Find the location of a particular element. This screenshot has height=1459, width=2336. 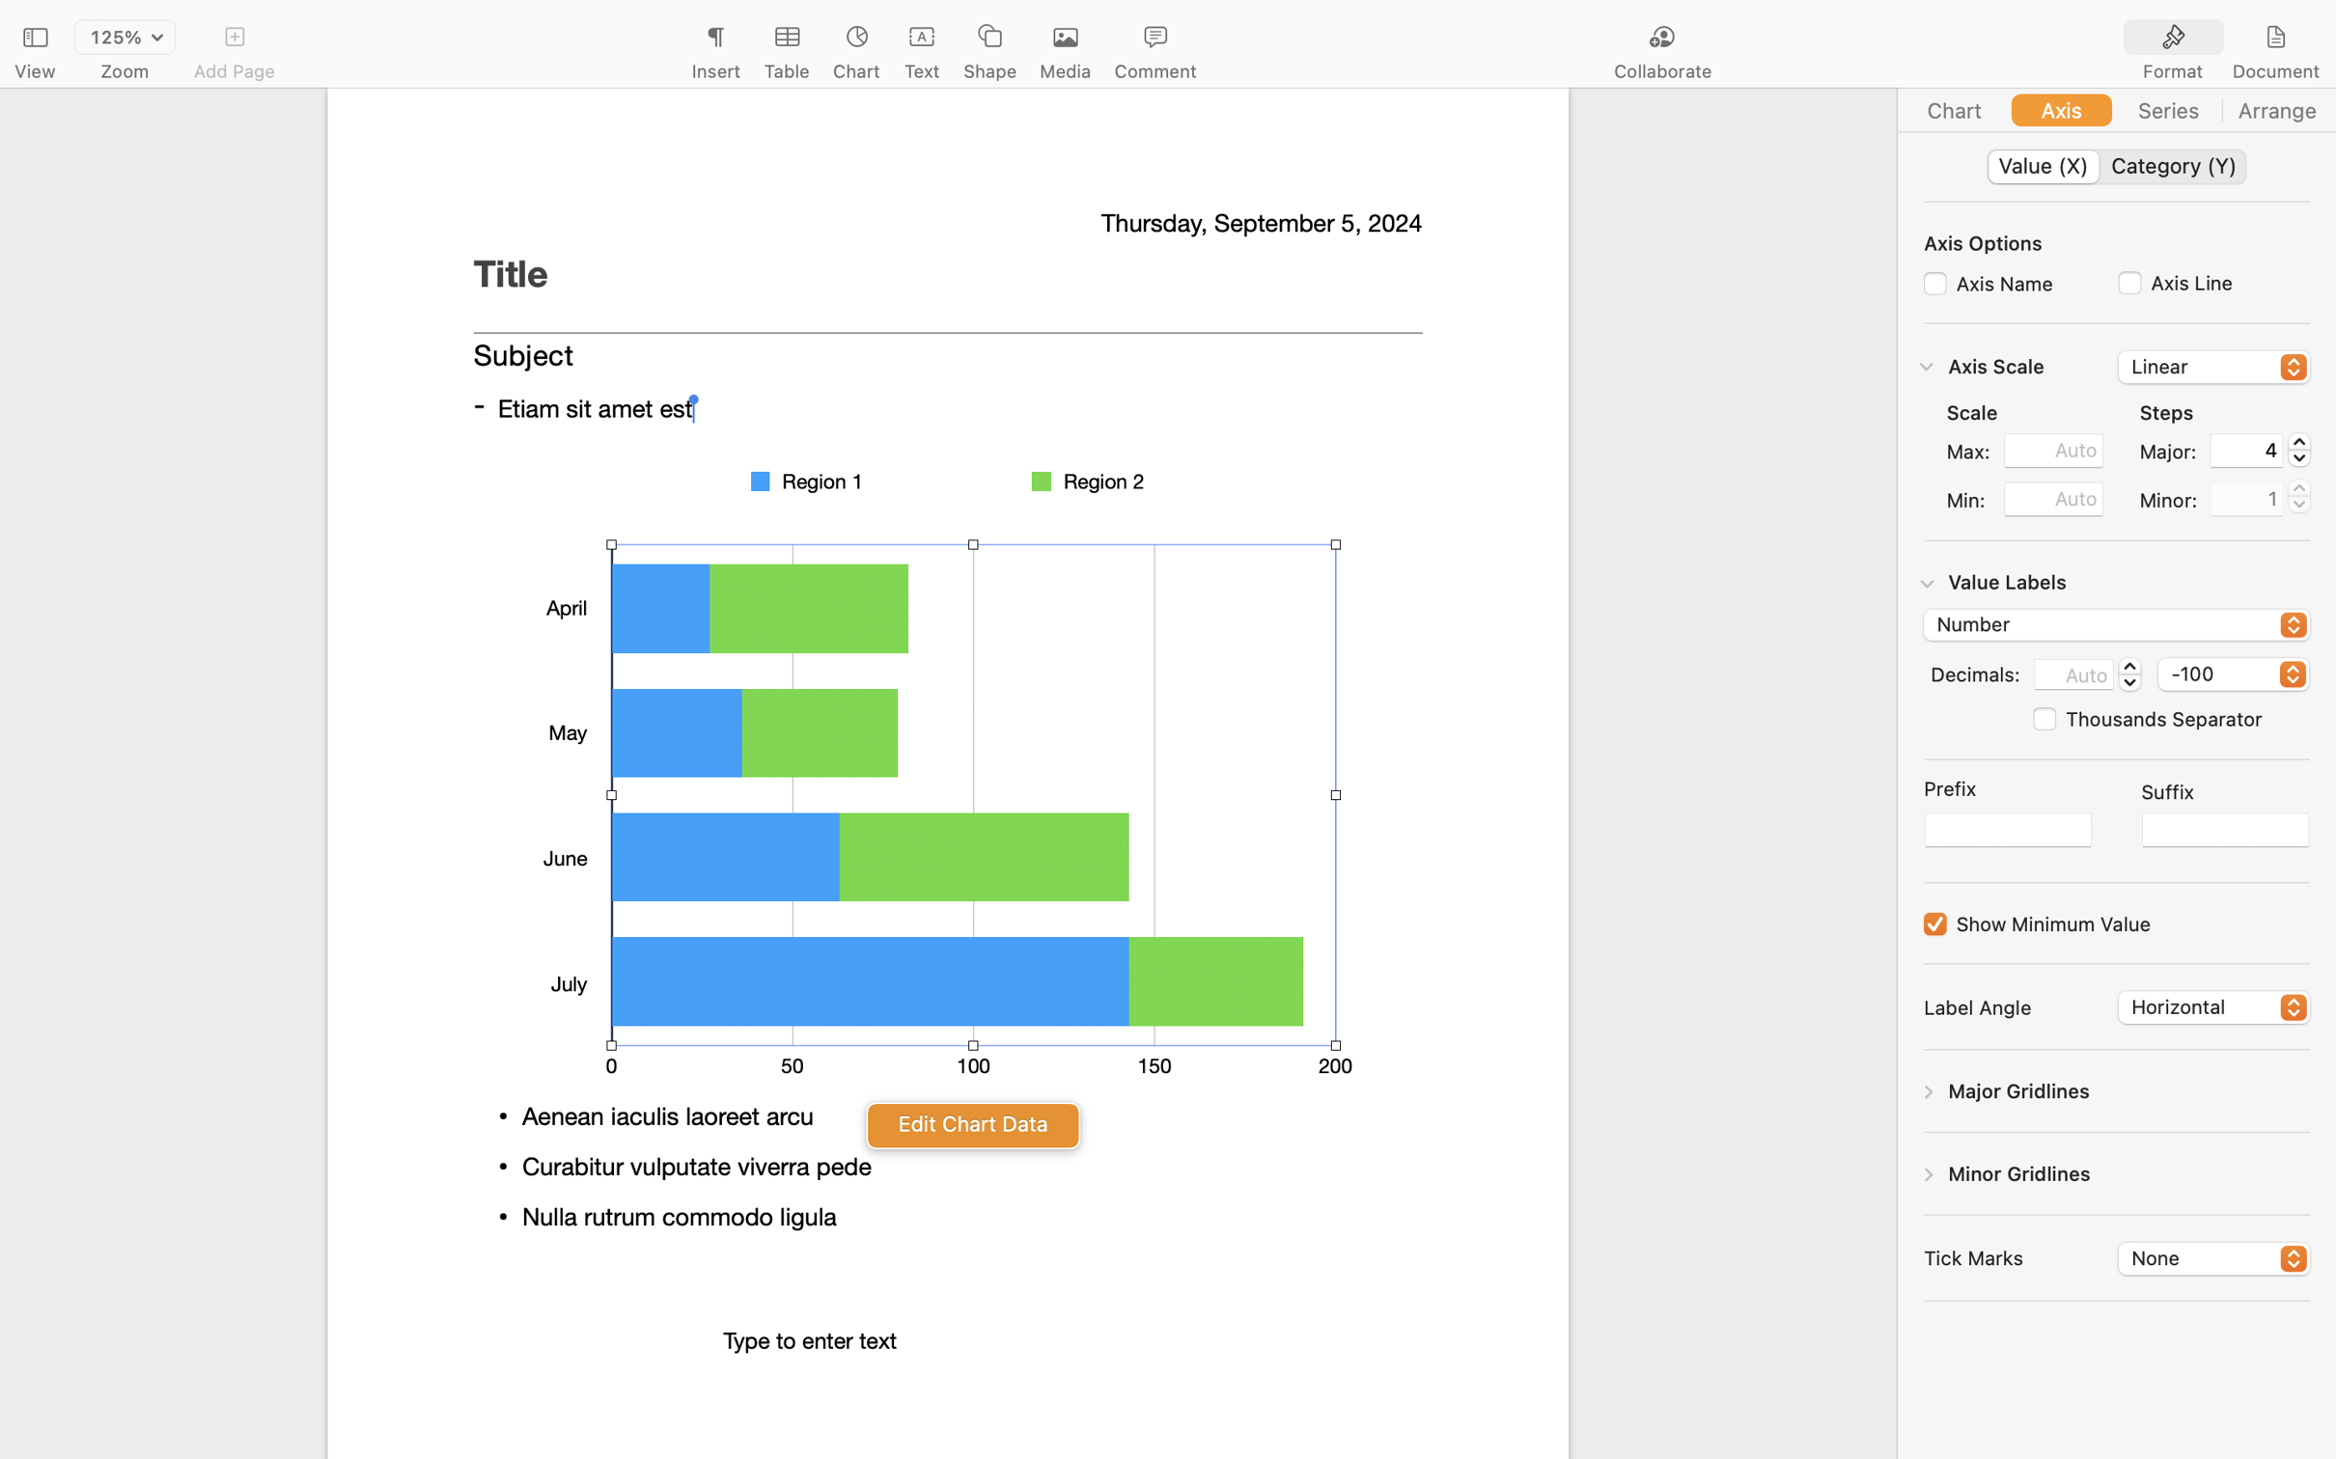

'Major Gridlines' is located at coordinates (2018, 1089).